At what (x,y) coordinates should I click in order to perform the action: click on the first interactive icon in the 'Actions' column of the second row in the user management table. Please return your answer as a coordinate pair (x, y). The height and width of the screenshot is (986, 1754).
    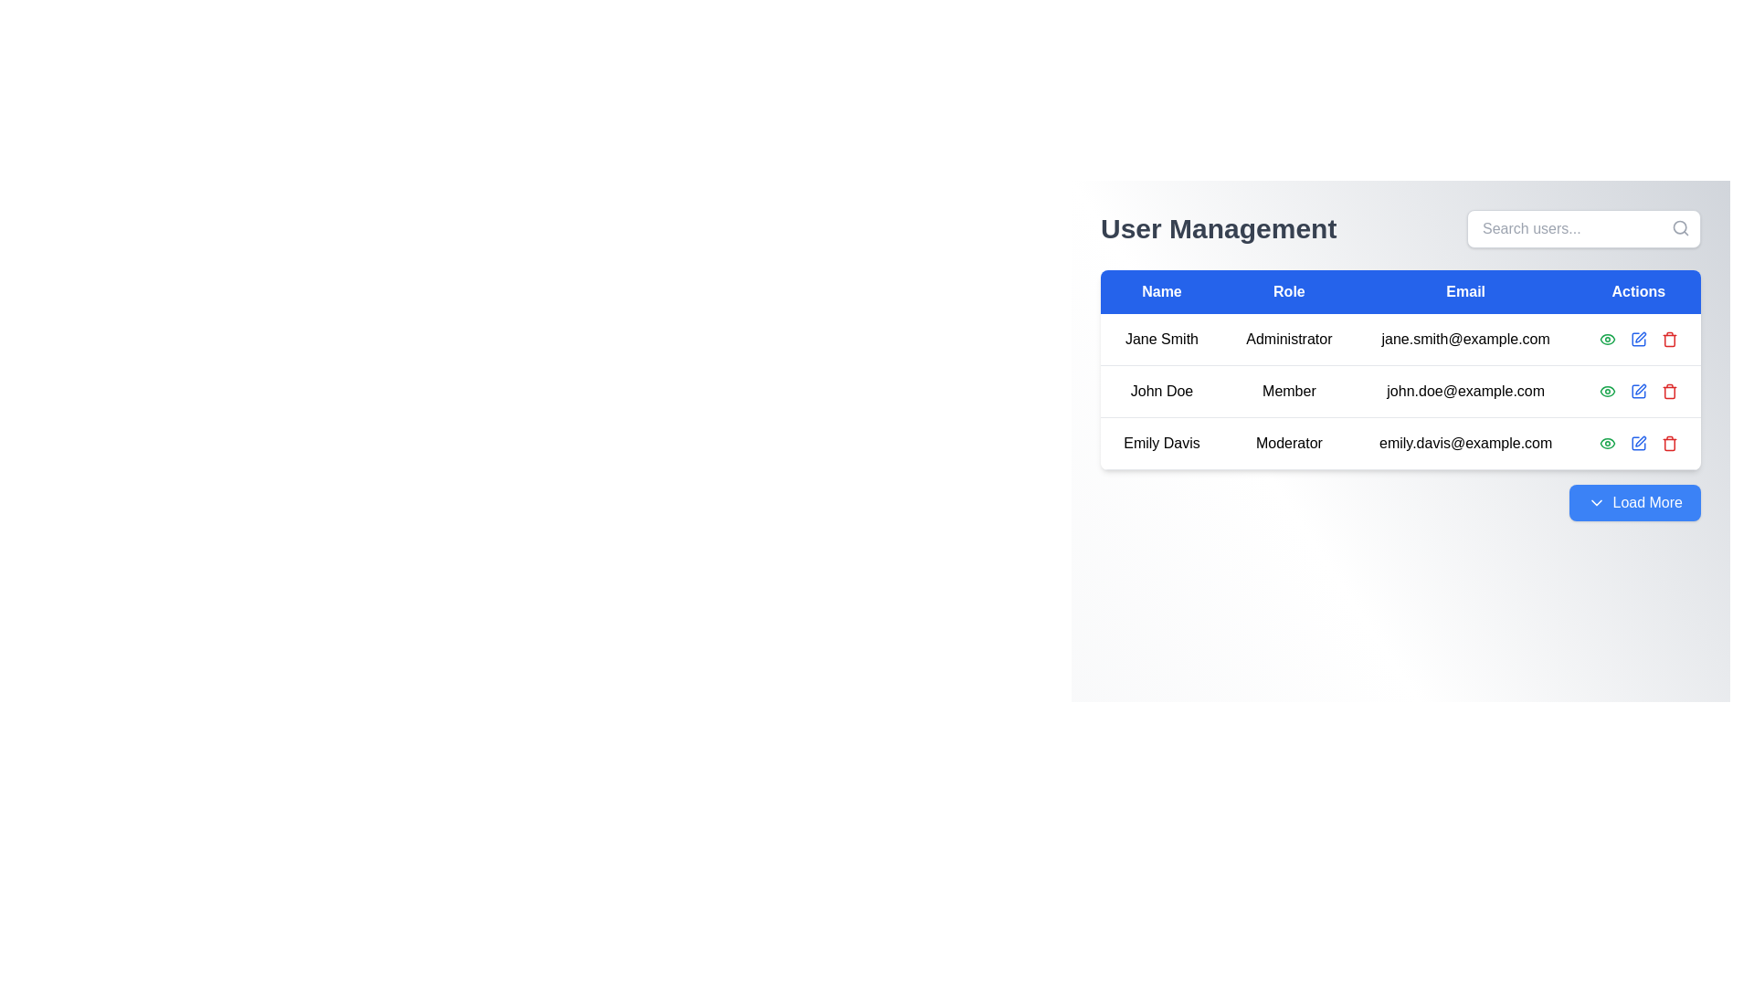
    Looking at the image, I should click on (1606, 390).